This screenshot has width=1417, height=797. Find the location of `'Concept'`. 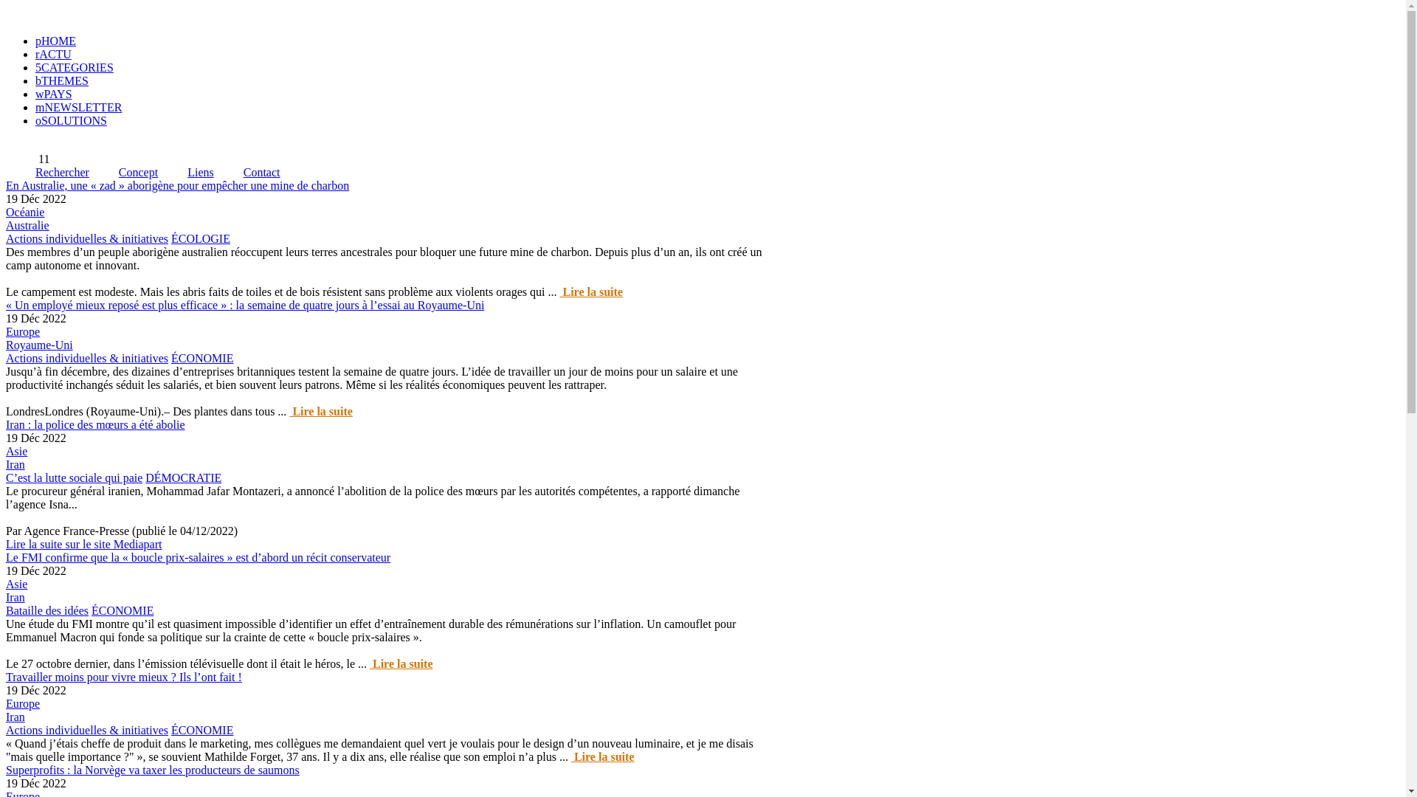

'Concept' is located at coordinates (123, 171).